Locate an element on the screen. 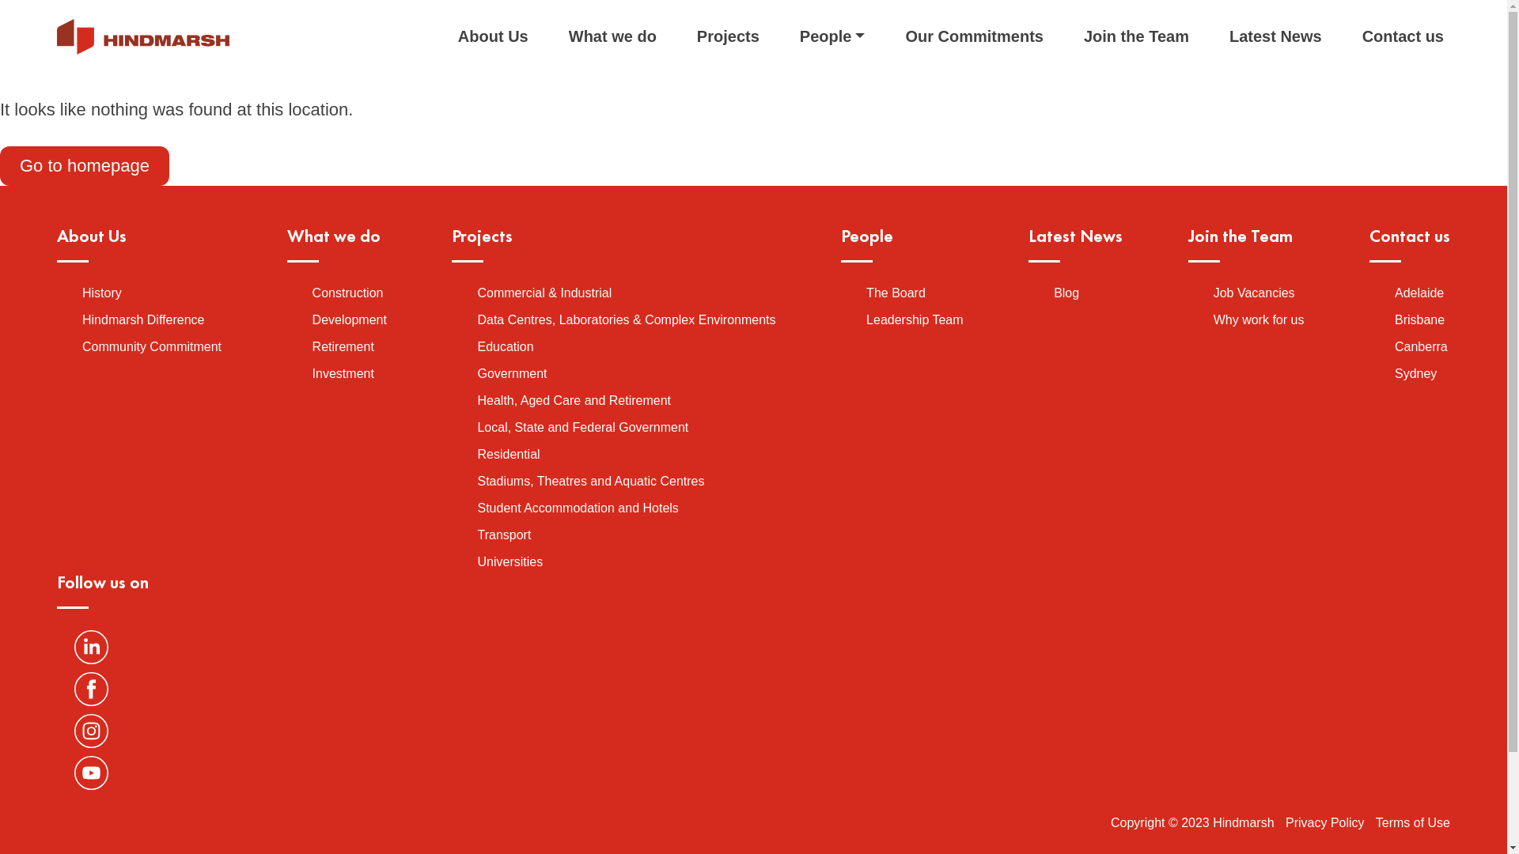 This screenshot has height=854, width=1519. 'Why work for us' is located at coordinates (1258, 319).